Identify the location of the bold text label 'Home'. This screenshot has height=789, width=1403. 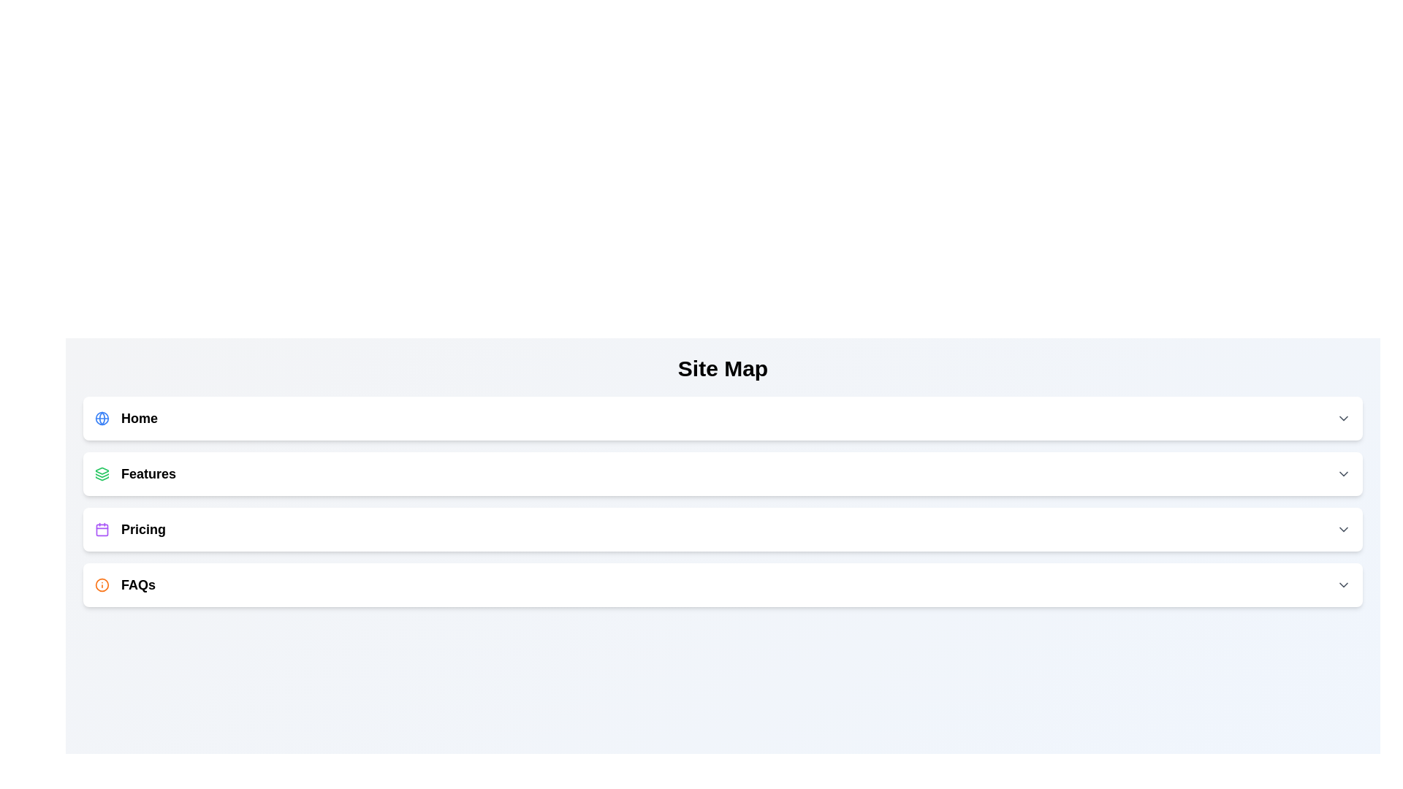
(140, 419).